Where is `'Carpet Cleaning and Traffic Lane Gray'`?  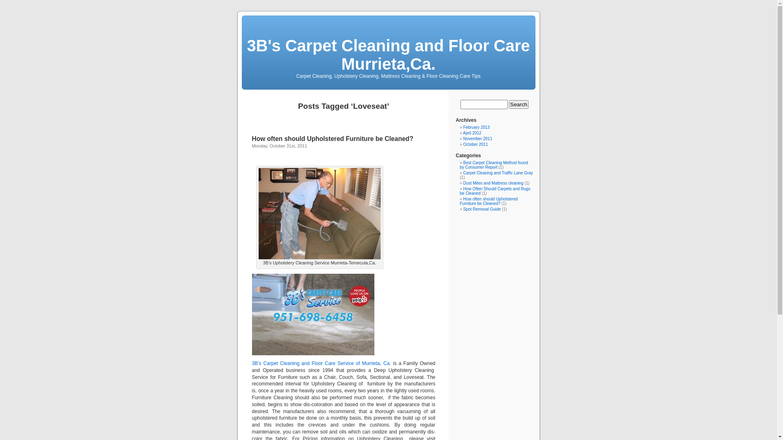
'Carpet Cleaning and Traffic Lane Gray' is located at coordinates (498, 172).